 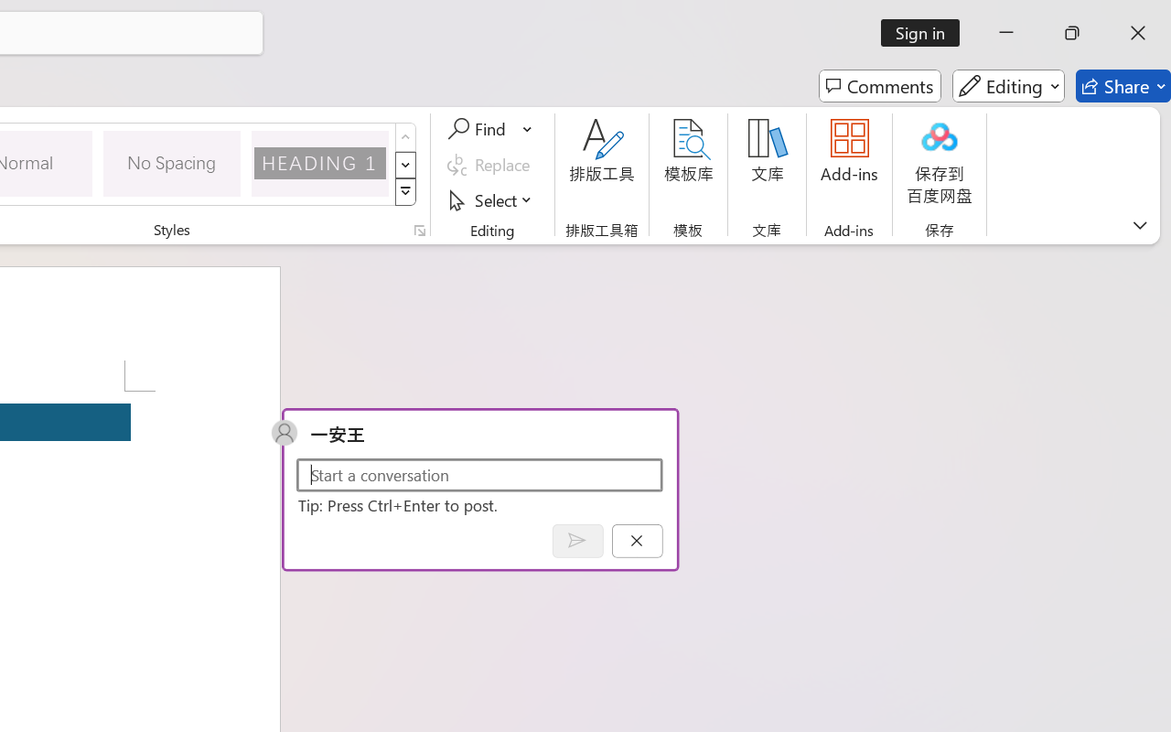 What do you see at coordinates (1007, 86) in the screenshot?
I see `'Editing'` at bounding box center [1007, 86].